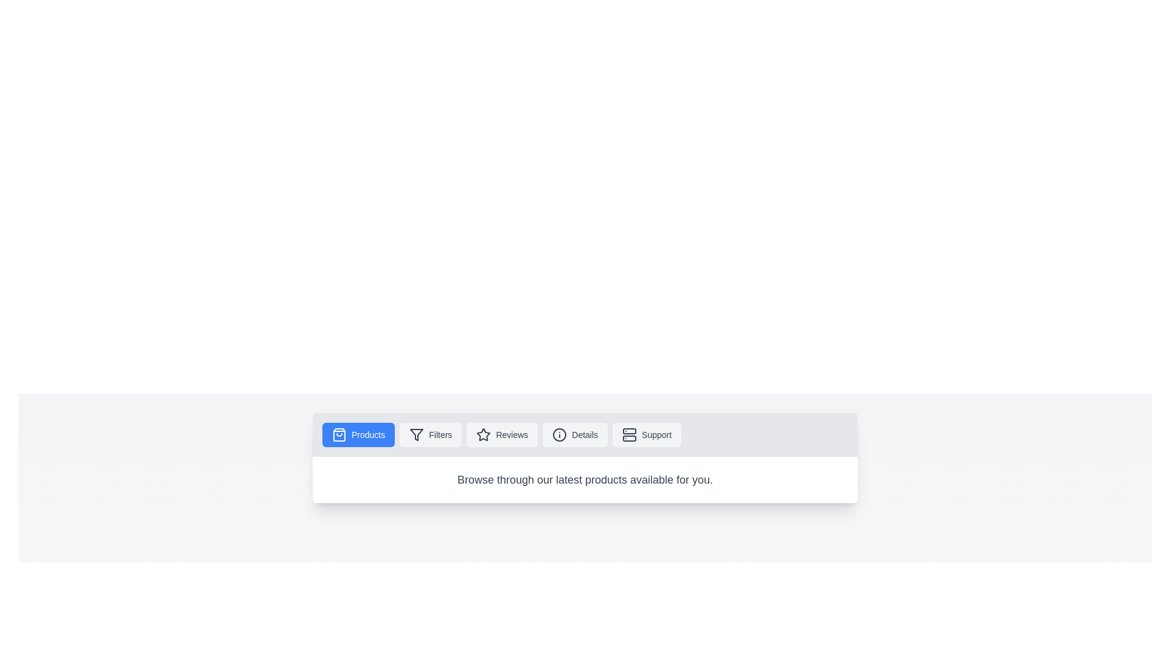 The image size is (1168, 657). What do you see at coordinates (358, 434) in the screenshot?
I see `the Products tab by clicking on its button` at bounding box center [358, 434].